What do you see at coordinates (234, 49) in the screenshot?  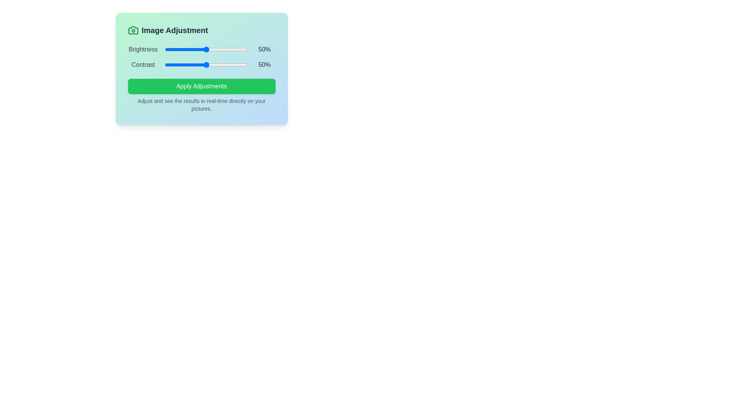 I see `the brightness slider to 84%` at bounding box center [234, 49].